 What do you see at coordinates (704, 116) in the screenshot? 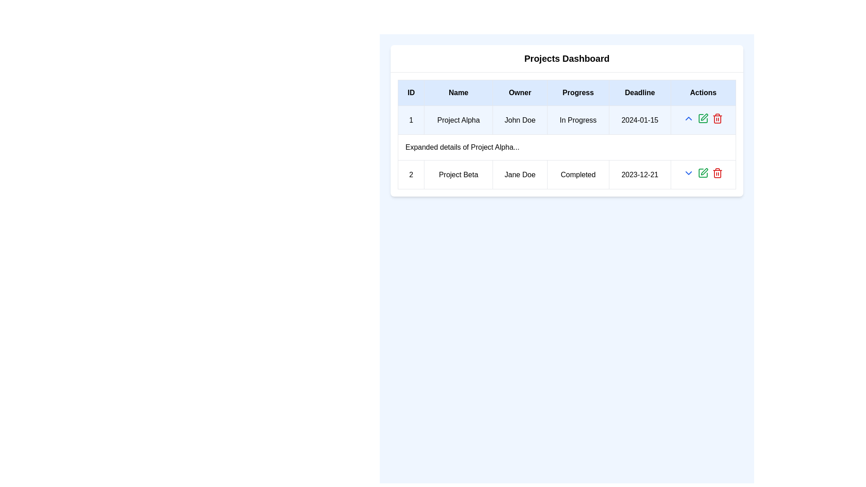
I see `the edit action icon button located in the 'Actions' column of the first row in the 'Projects Dashboard' table` at bounding box center [704, 116].